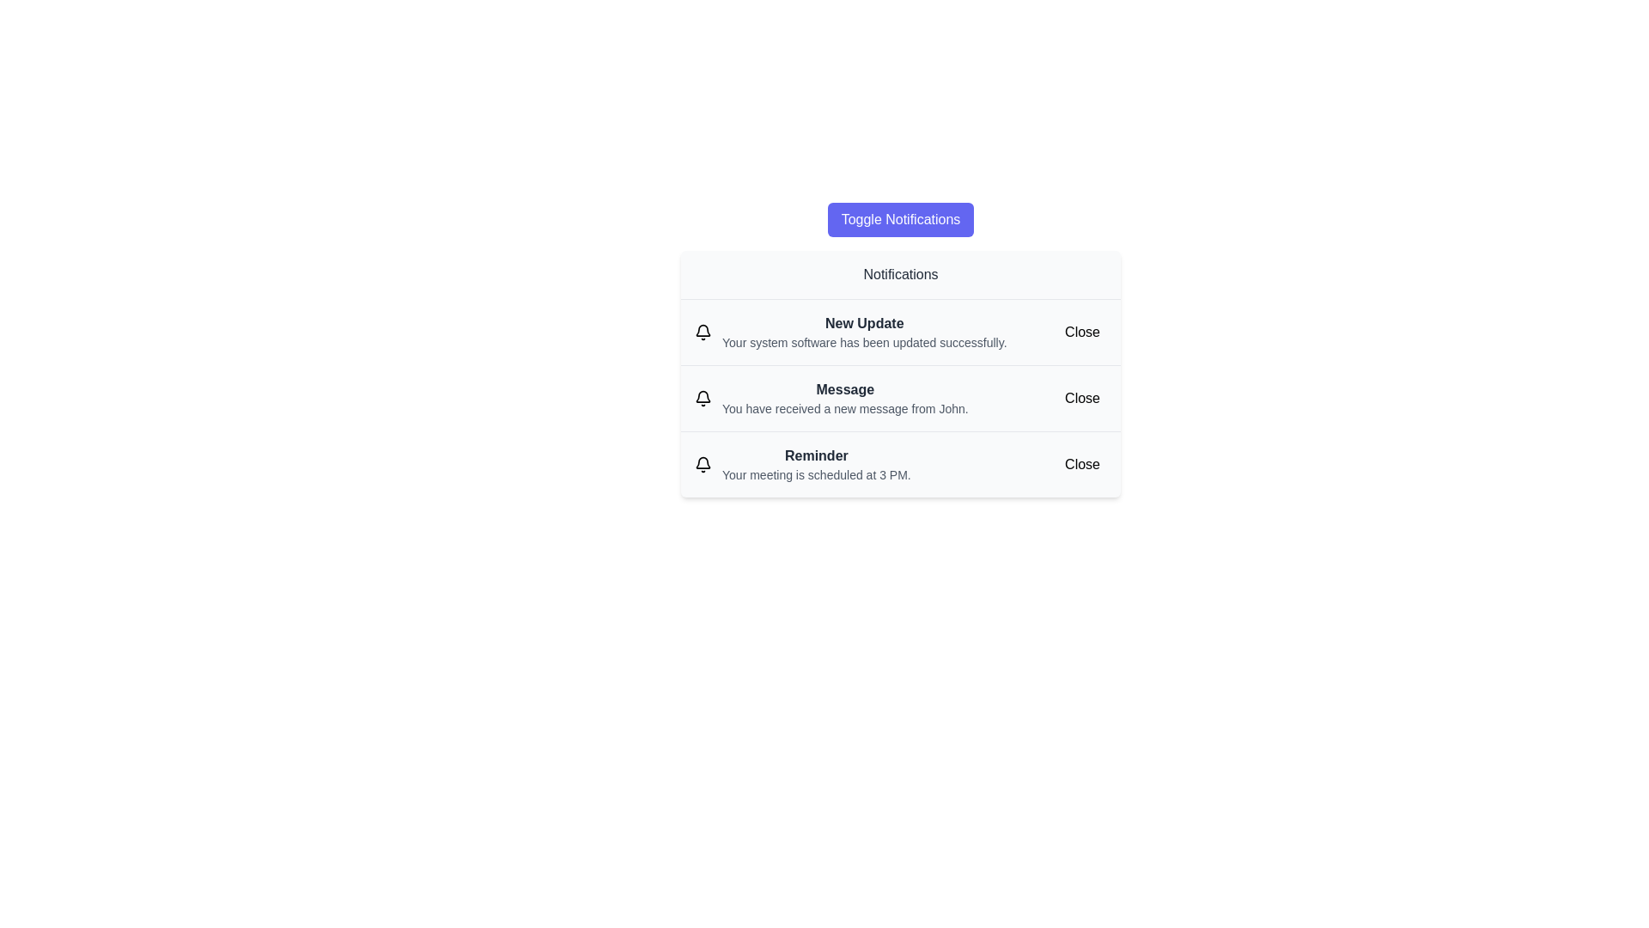 The image size is (1649, 928). Describe the element at coordinates (845, 408) in the screenshot. I see `the text label that reads 'You have received a new message from John.', which is styled in a small, gray font and is part of the notification card under the 'Message' title` at that location.